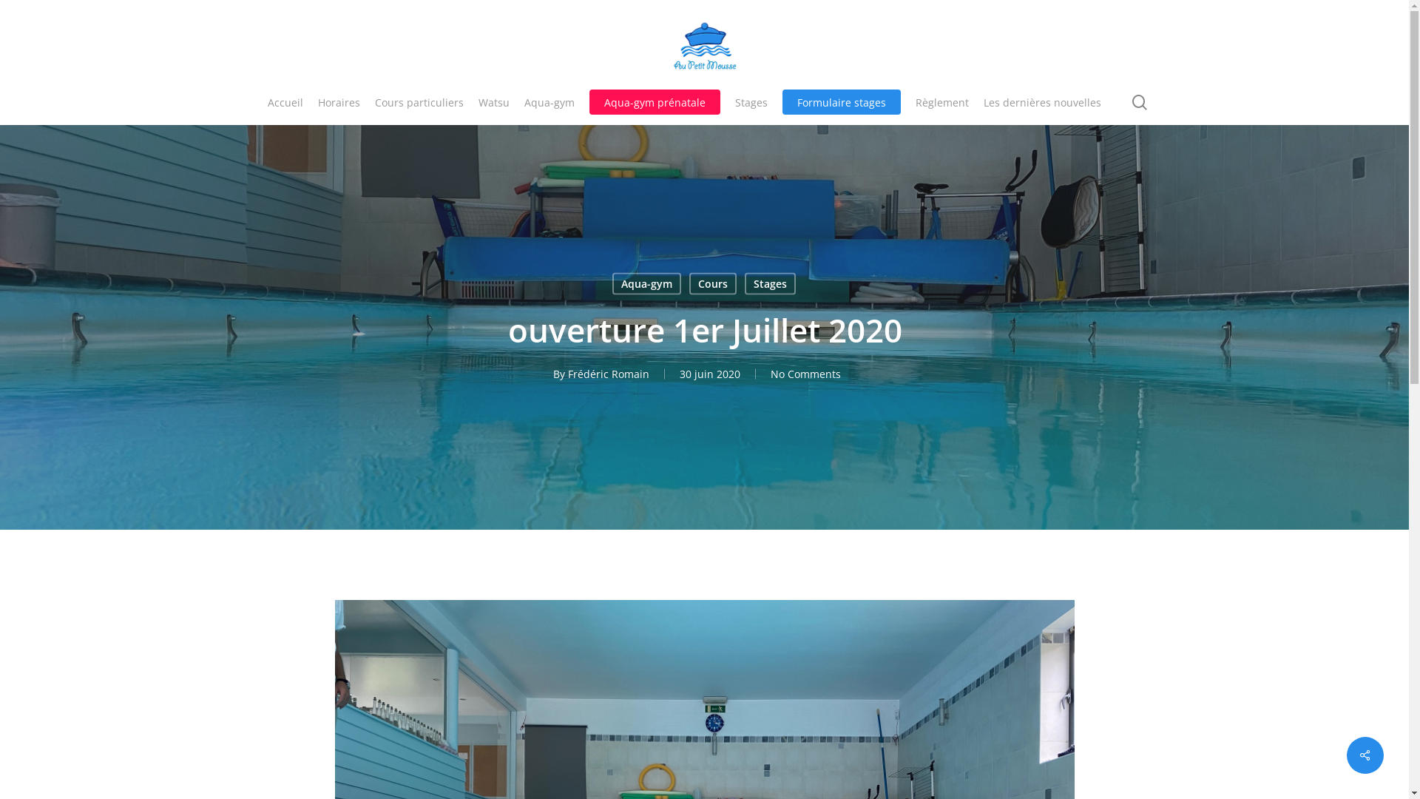 This screenshot has width=1420, height=799. I want to click on 'No Comments', so click(805, 373).